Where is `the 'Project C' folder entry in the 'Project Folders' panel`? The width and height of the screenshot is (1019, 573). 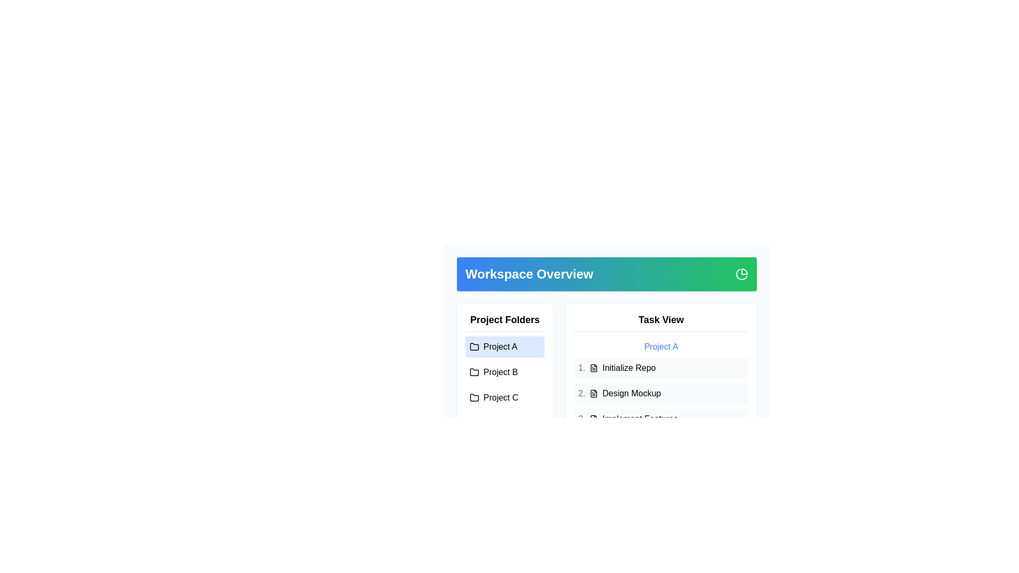
the 'Project C' folder entry in the 'Project Folders' panel is located at coordinates (504, 397).